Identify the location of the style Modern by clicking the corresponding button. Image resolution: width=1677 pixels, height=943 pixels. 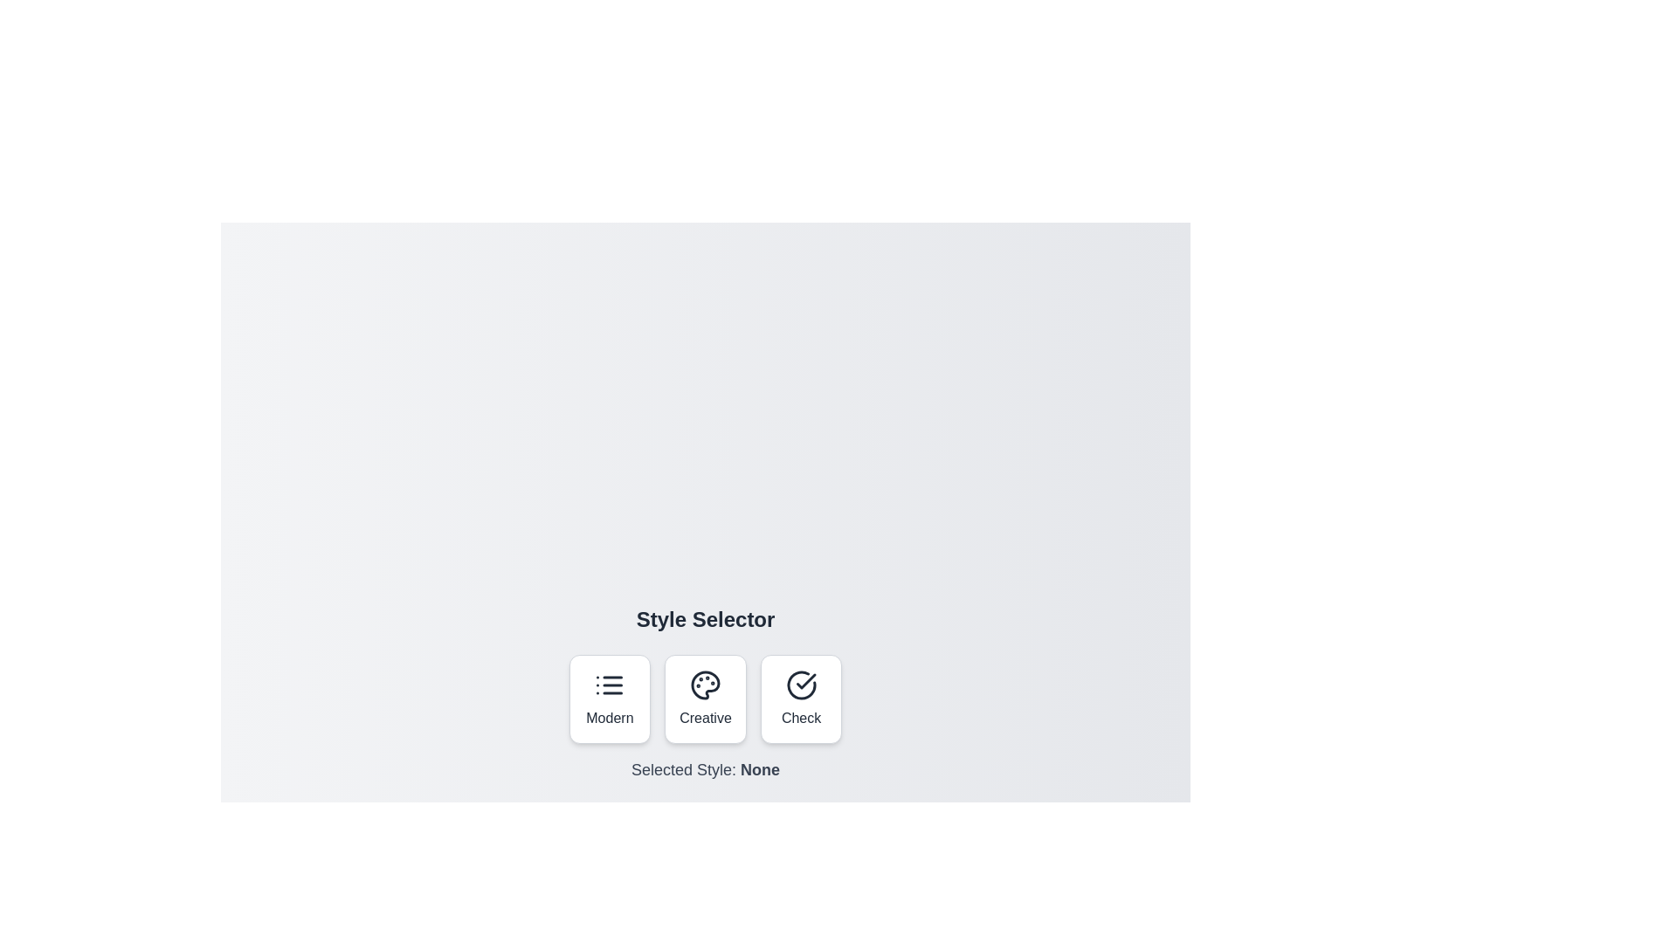
(609, 699).